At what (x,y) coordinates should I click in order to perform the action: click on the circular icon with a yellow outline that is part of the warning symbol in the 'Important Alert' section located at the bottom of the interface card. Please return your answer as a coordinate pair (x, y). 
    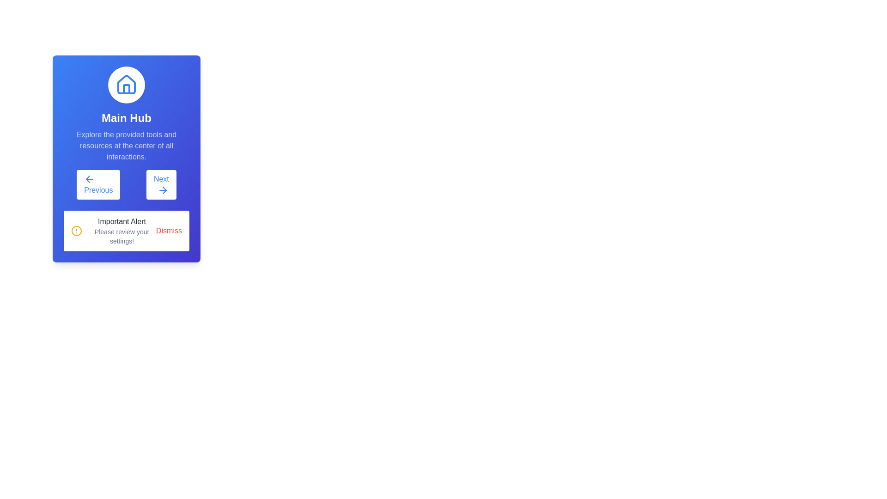
    Looking at the image, I should click on (77, 231).